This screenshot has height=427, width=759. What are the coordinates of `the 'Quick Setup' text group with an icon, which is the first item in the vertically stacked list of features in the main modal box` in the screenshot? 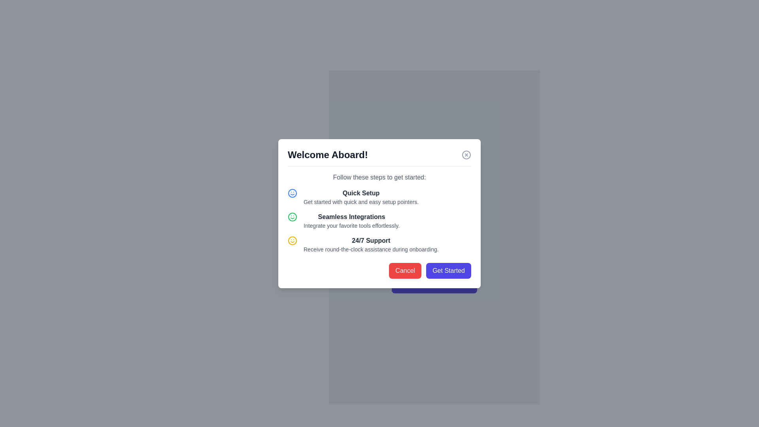 It's located at (379, 196).